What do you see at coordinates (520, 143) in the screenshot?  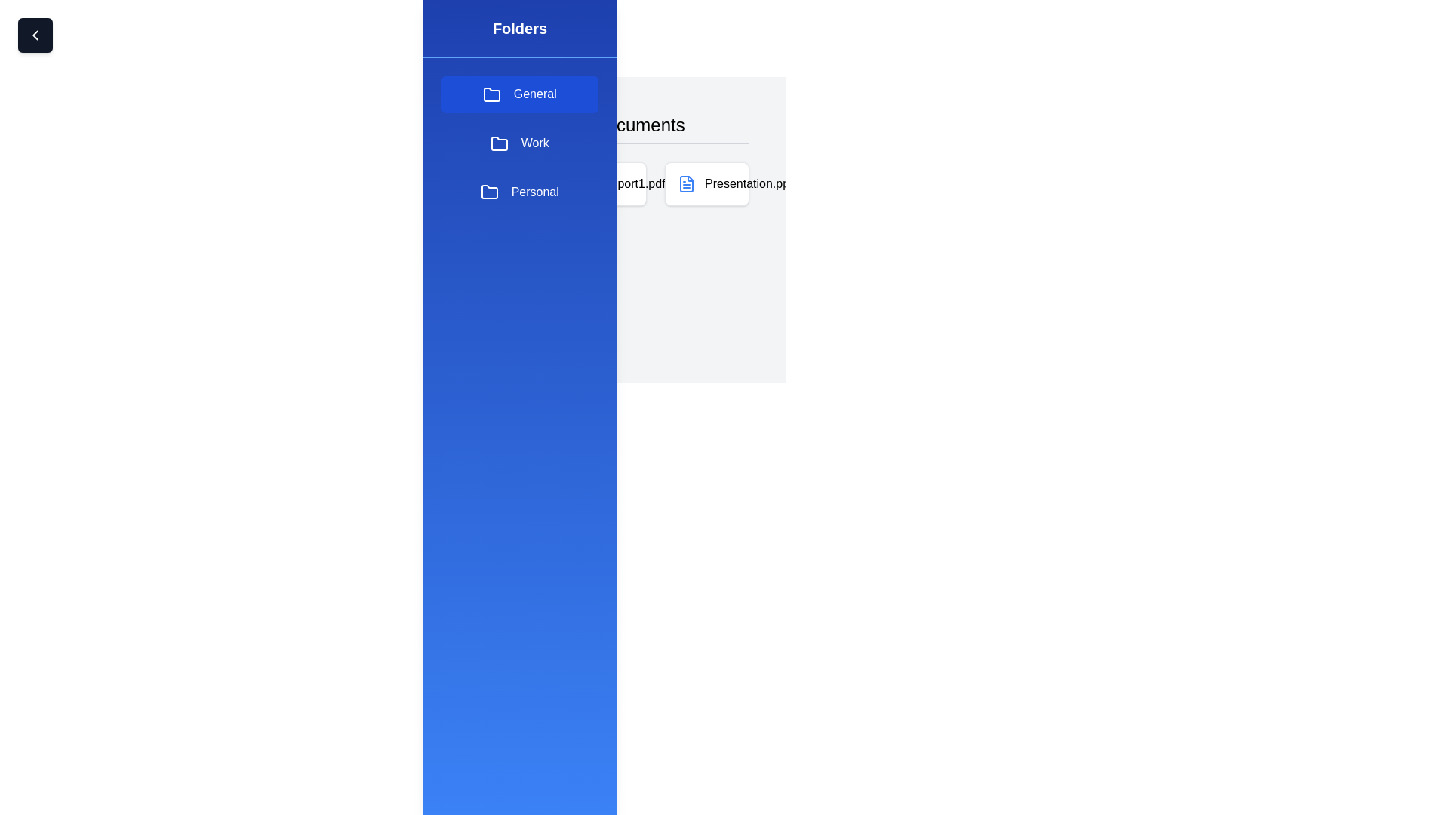 I see `the 'Work' folder menu item, which is the second item in a vertical stack of folder labels` at bounding box center [520, 143].